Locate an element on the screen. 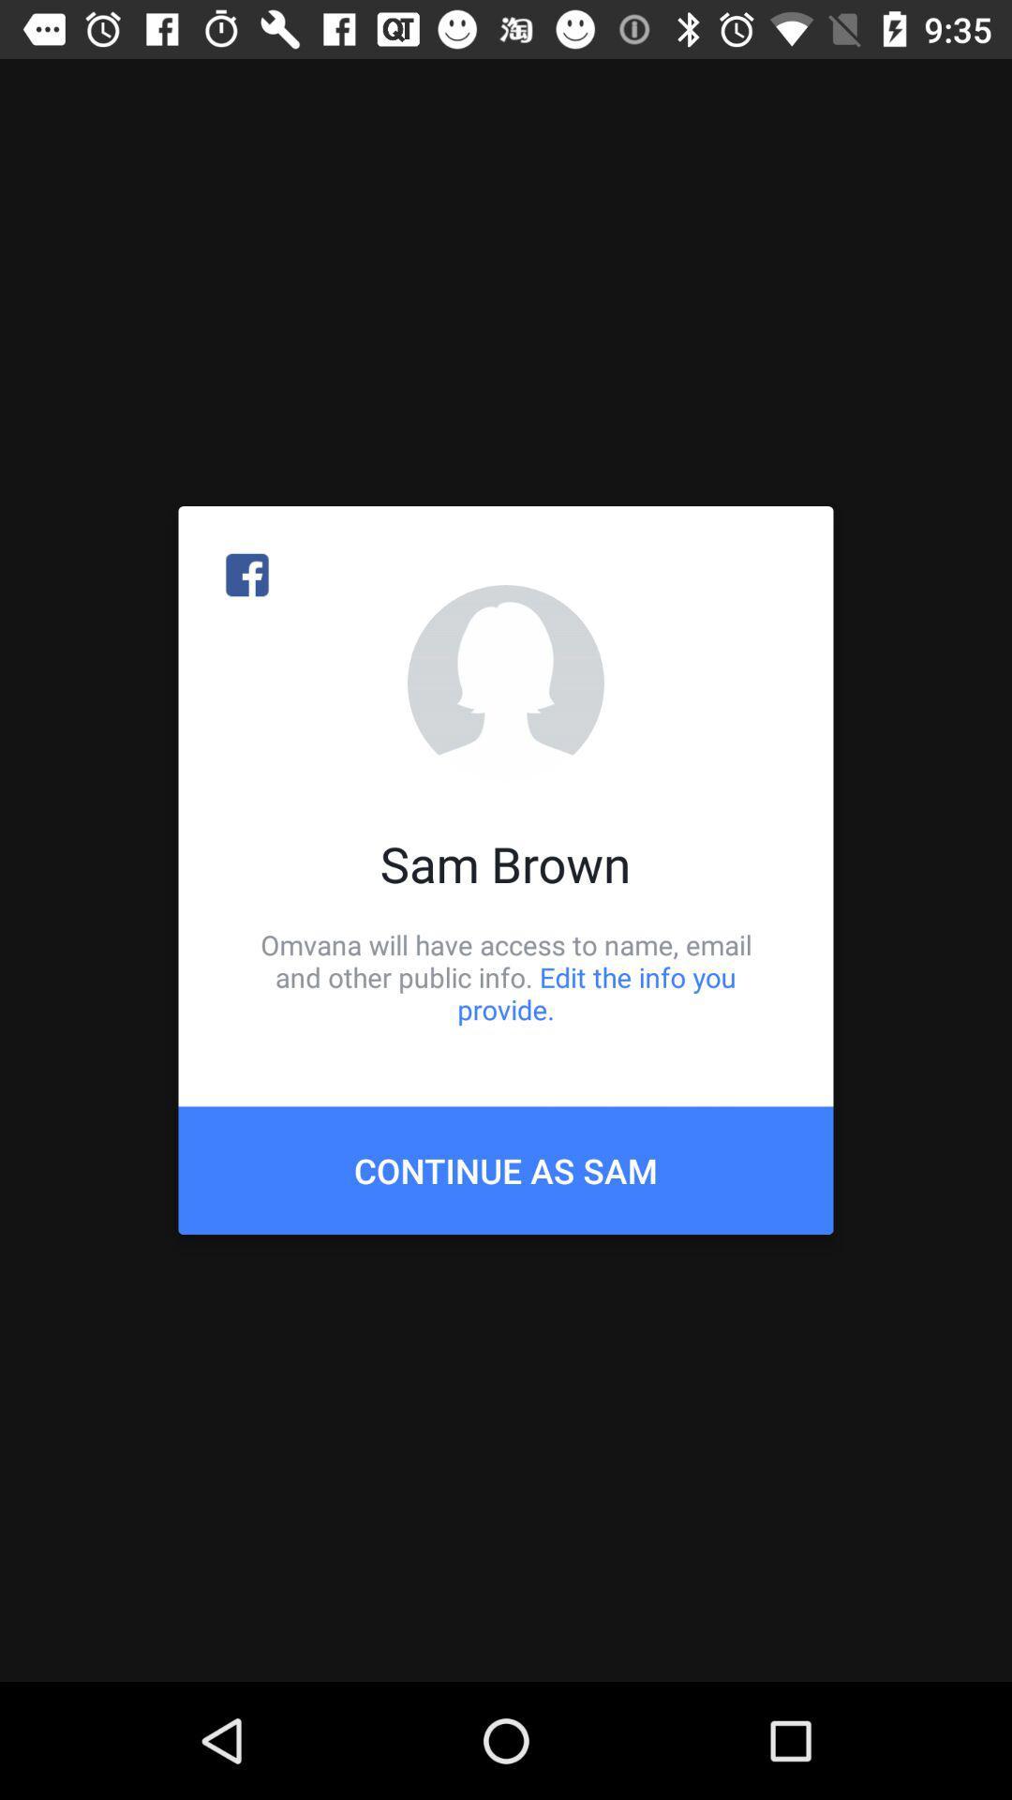 The image size is (1012, 1800). item above continue as sam is located at coordinates (506, 976).